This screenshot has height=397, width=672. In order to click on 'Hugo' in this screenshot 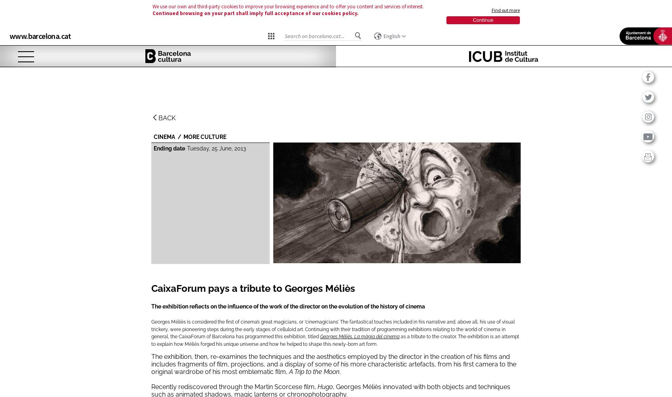, I will do `click(325, 386)`.